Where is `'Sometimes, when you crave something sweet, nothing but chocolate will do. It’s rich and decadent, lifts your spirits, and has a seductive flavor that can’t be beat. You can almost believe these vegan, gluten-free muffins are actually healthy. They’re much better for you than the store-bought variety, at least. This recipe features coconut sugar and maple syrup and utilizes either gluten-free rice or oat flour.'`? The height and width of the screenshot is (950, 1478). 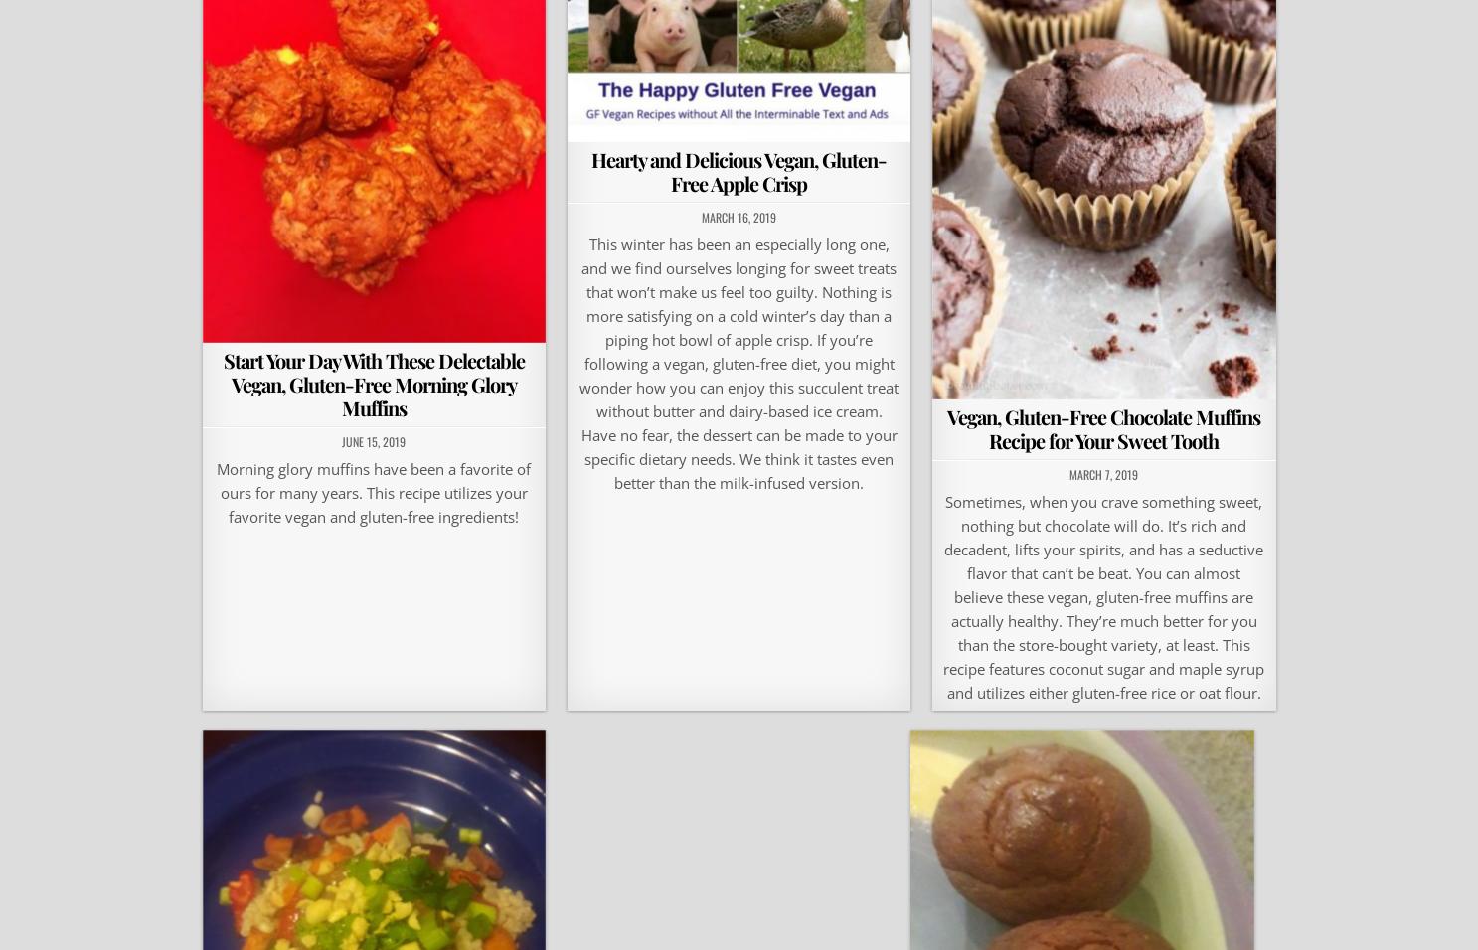 'Sometimes, when you crave something sweet, nothing but chocolate will do. It’s rich and decadent, lifts your spirits, and has a seductive flavor that can’t be beat. You can almost believe these vegan, gluten-free muffins are actually healthy. They’re much better for you than the store-bought variety, at least. This recipe features coconut sugar and maple syrup and utilizes either gluten-free rice or oat flour.' is located at coordinates (943, 595).